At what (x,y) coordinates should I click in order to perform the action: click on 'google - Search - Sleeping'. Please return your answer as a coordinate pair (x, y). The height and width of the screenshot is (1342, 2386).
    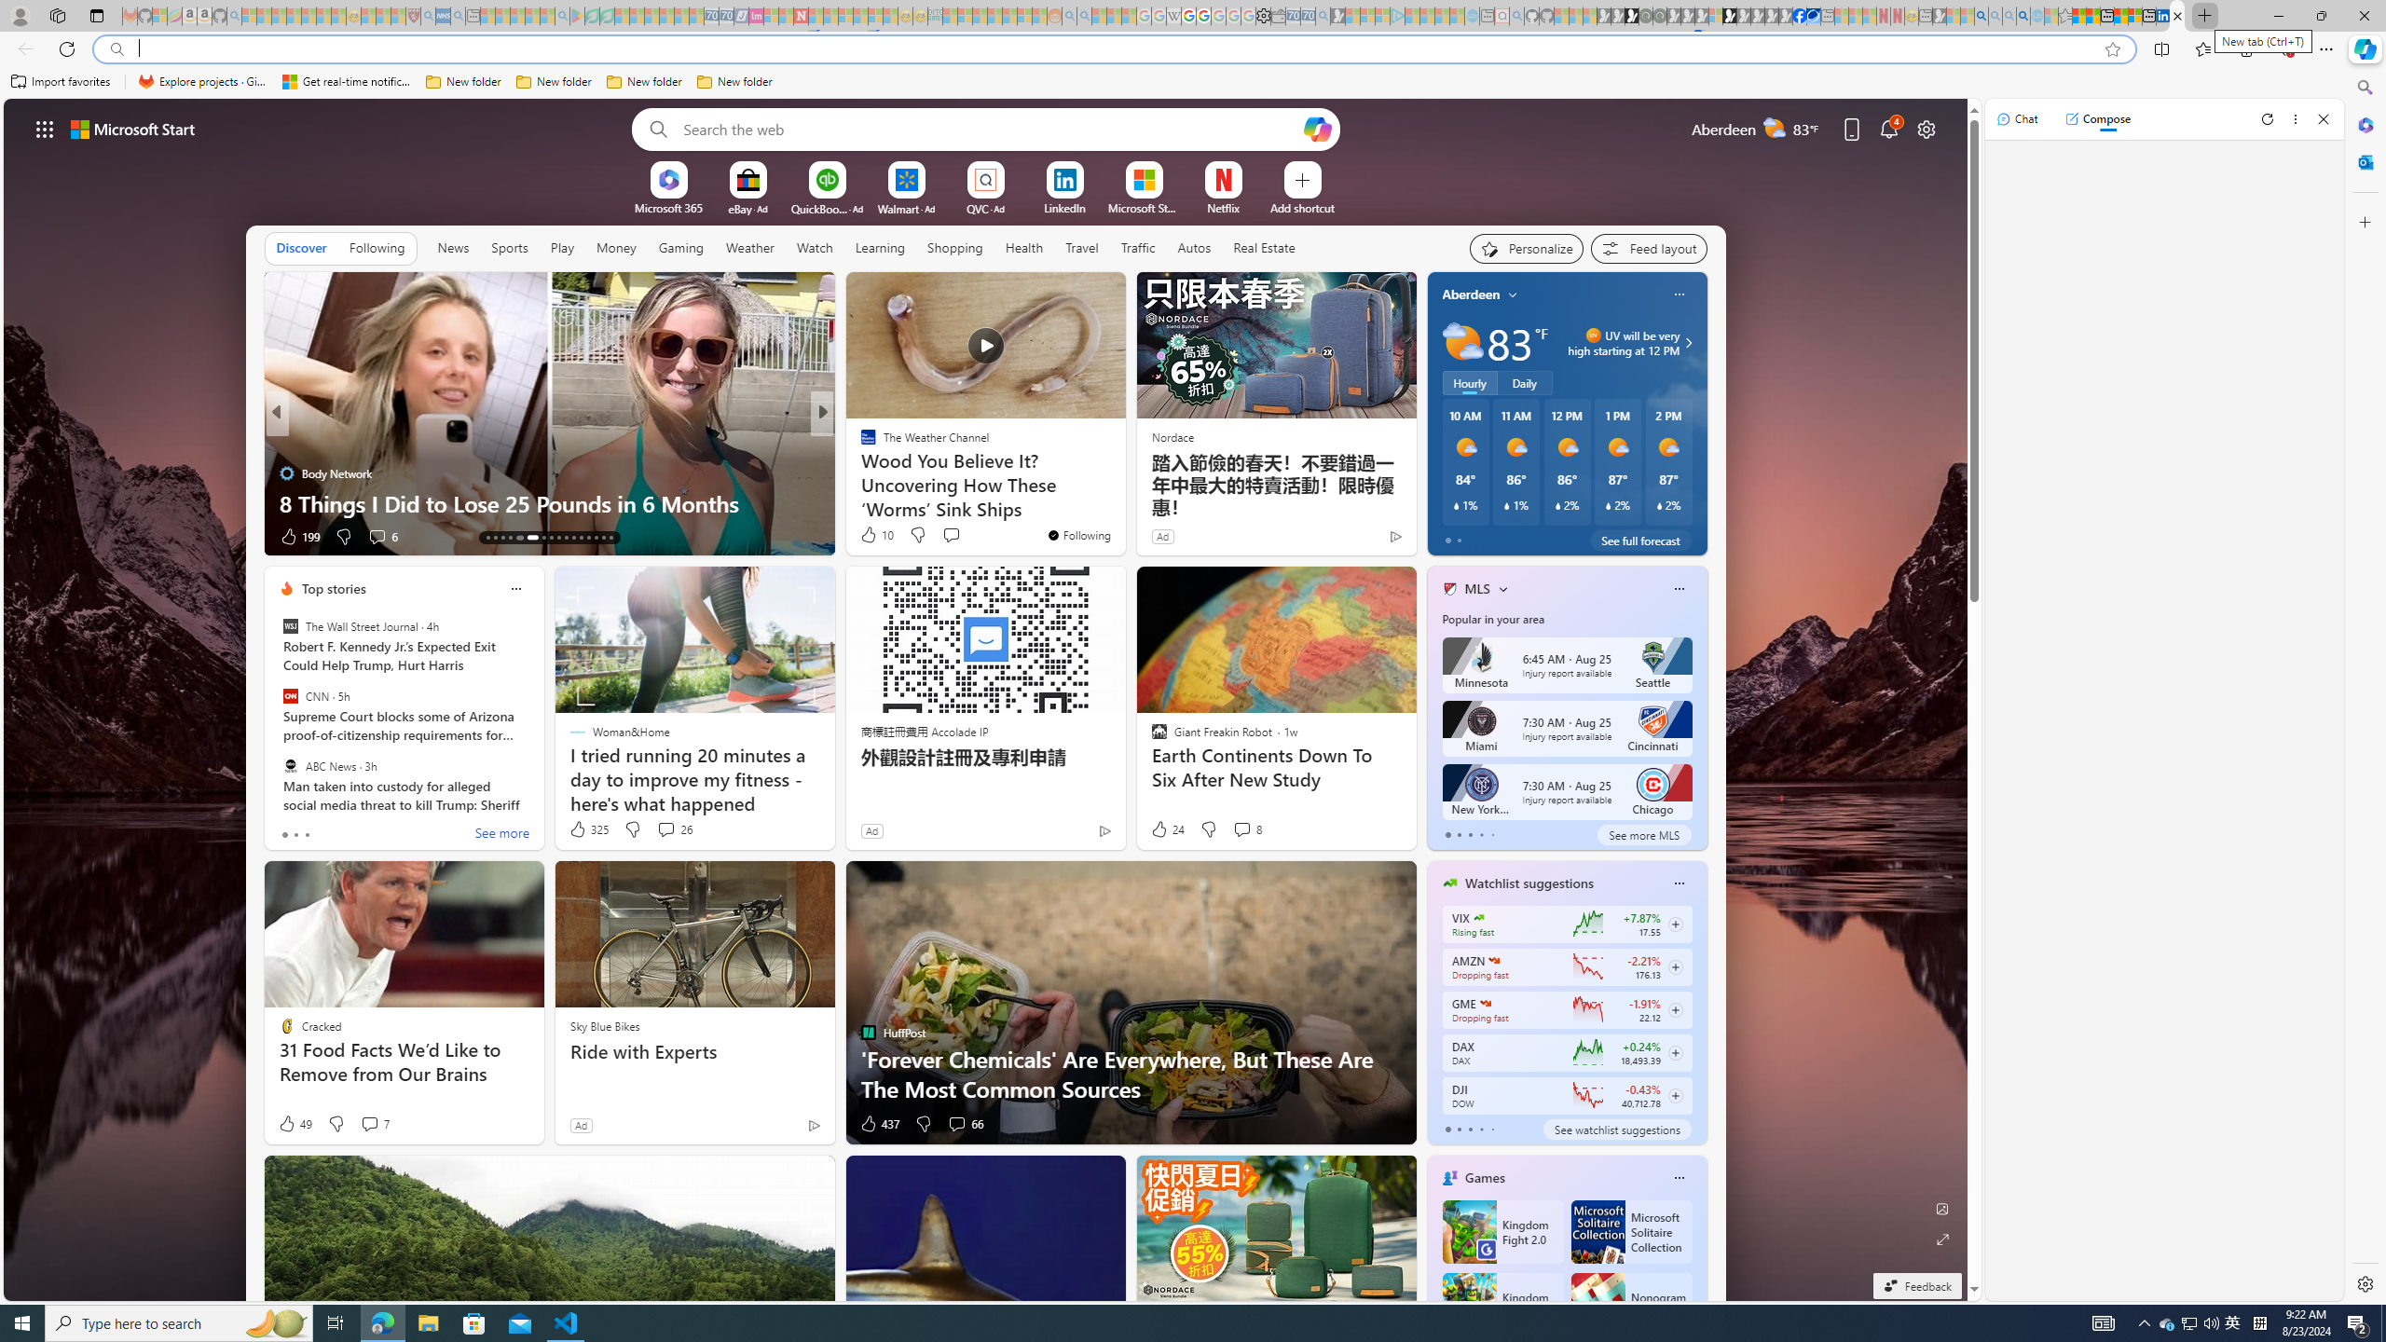
    Looking at the image, I should click on (561, 15).